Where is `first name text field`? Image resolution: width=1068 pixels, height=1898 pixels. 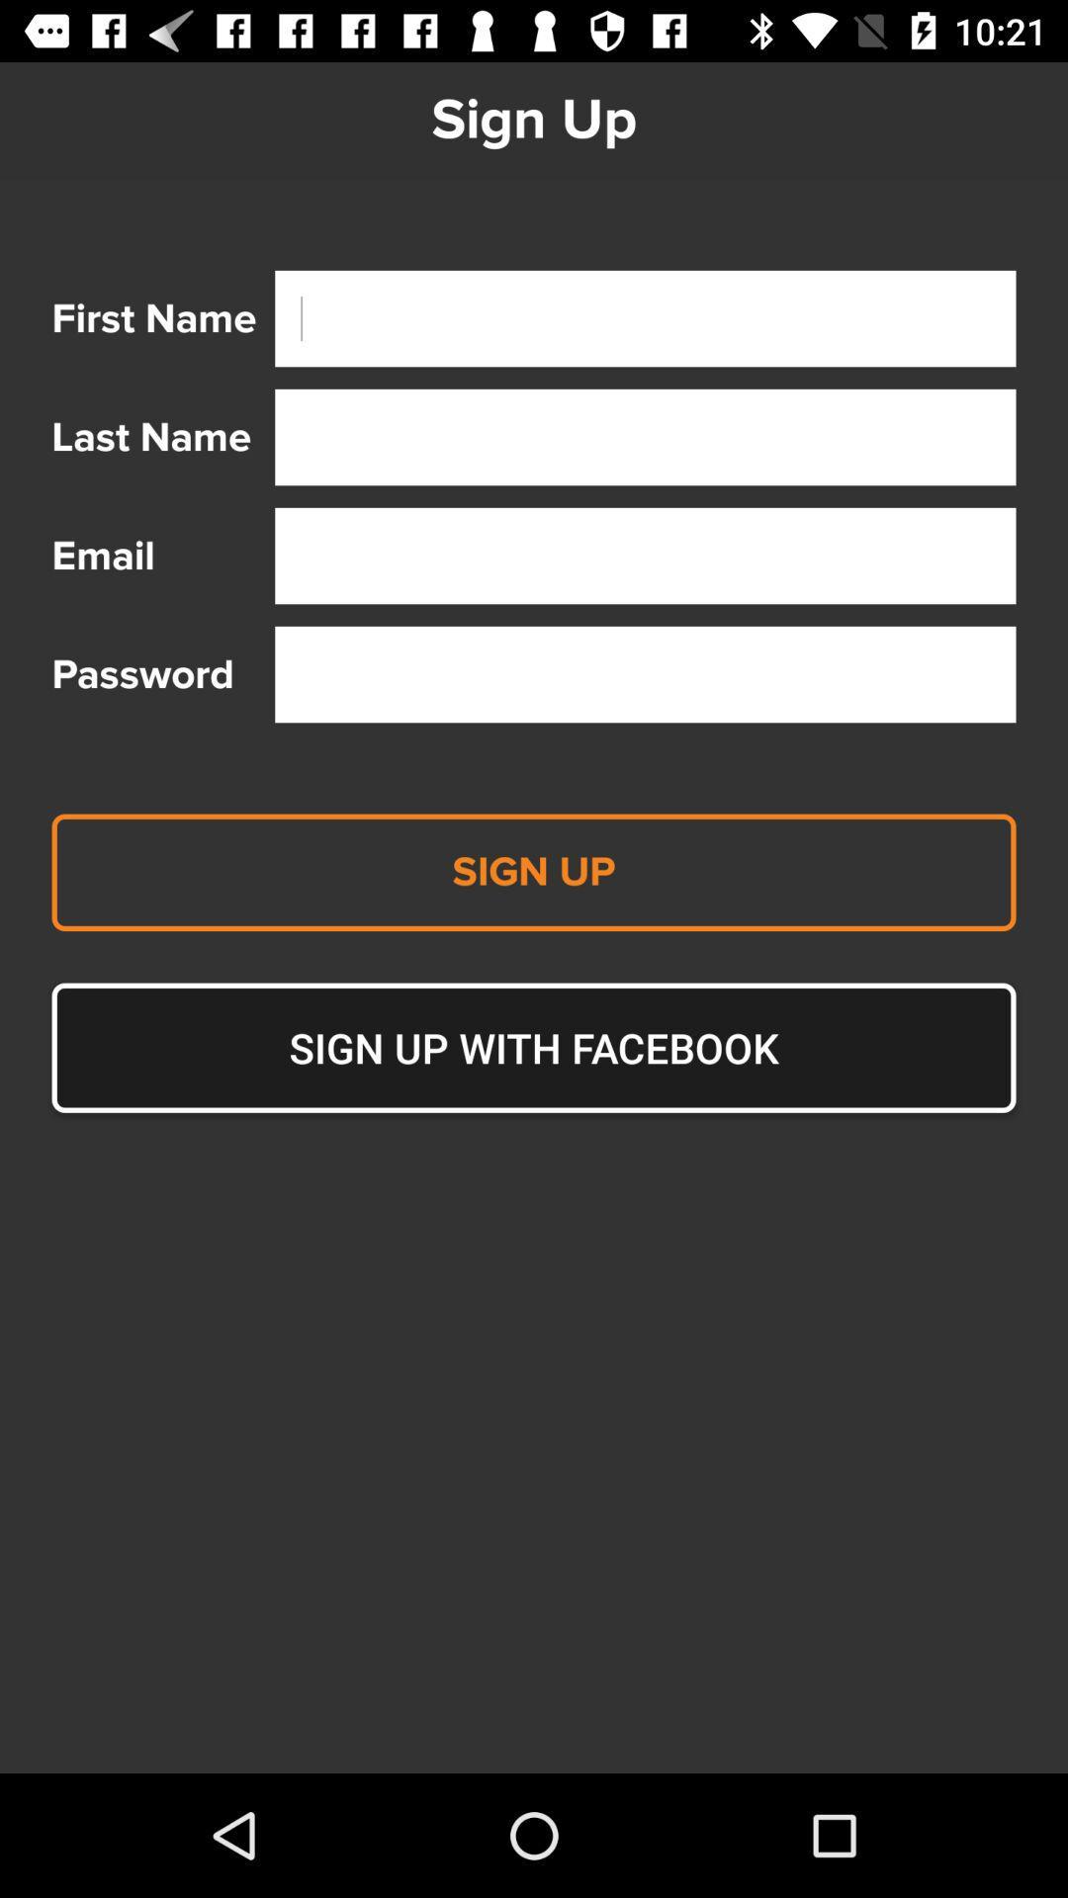 first name text field is located at coordinates (645, 318).